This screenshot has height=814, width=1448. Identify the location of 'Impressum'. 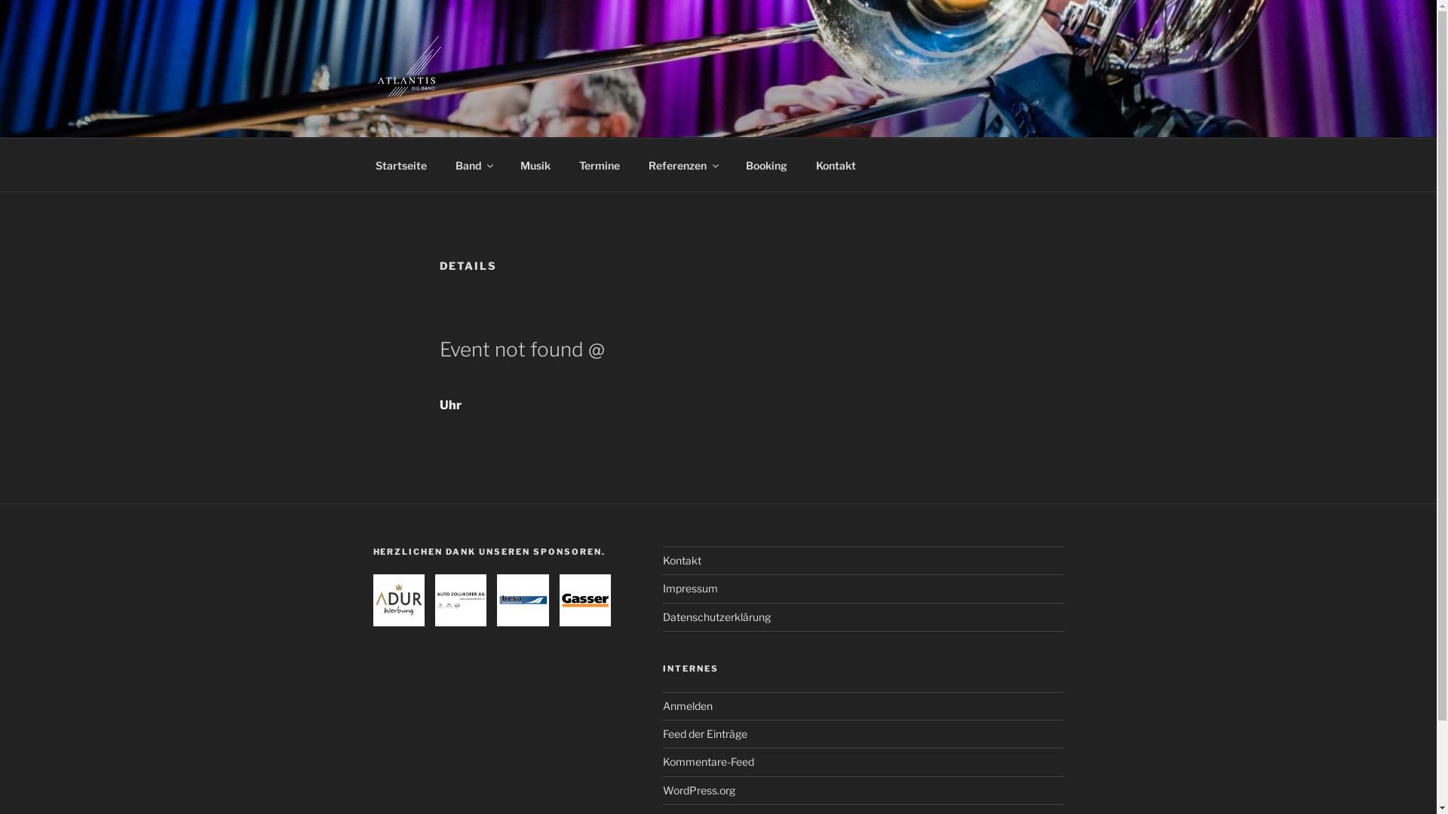
(689, 587).